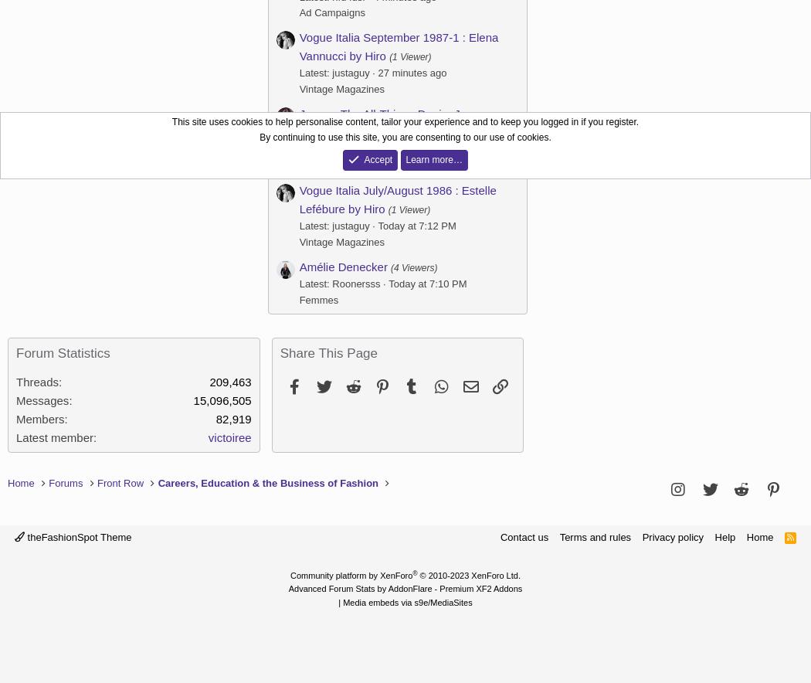  Describe the element at coordinates (364, 158) in the screenshot. I see `'Accept'` at that location.